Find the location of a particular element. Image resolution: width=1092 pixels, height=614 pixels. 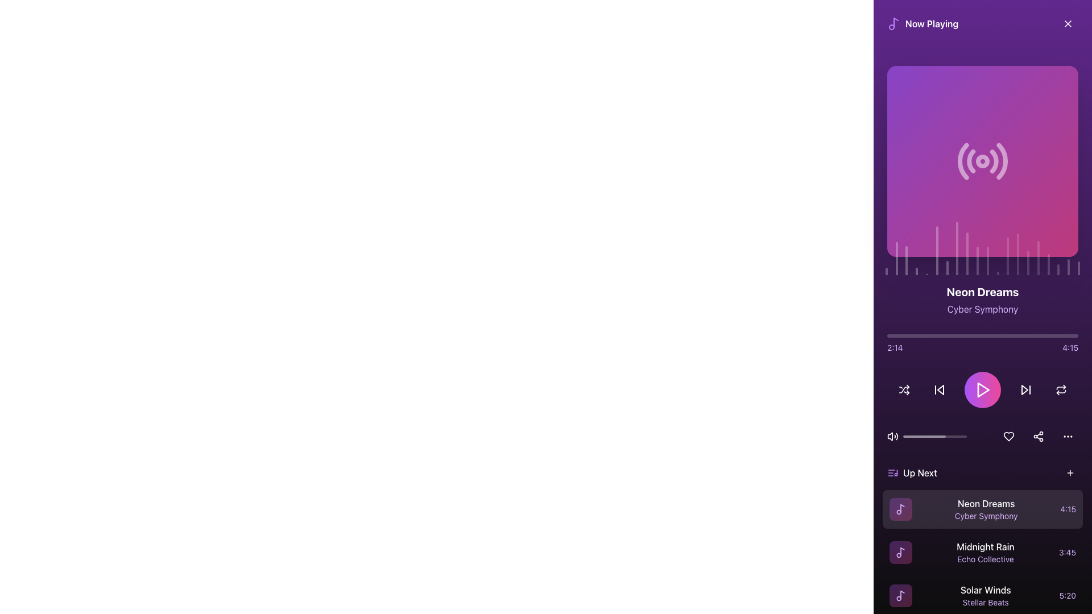

the volume slider is located at coordinates (949, 435).